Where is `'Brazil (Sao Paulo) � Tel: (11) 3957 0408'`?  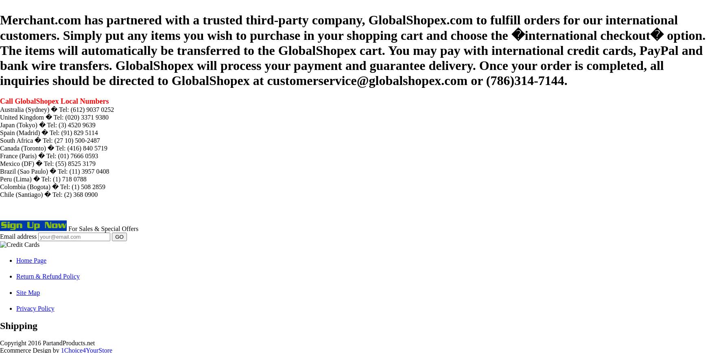 'Brazil (Sao Paulo) � Tel: (11) 3957 0408' is located at coordinates (0, 171).